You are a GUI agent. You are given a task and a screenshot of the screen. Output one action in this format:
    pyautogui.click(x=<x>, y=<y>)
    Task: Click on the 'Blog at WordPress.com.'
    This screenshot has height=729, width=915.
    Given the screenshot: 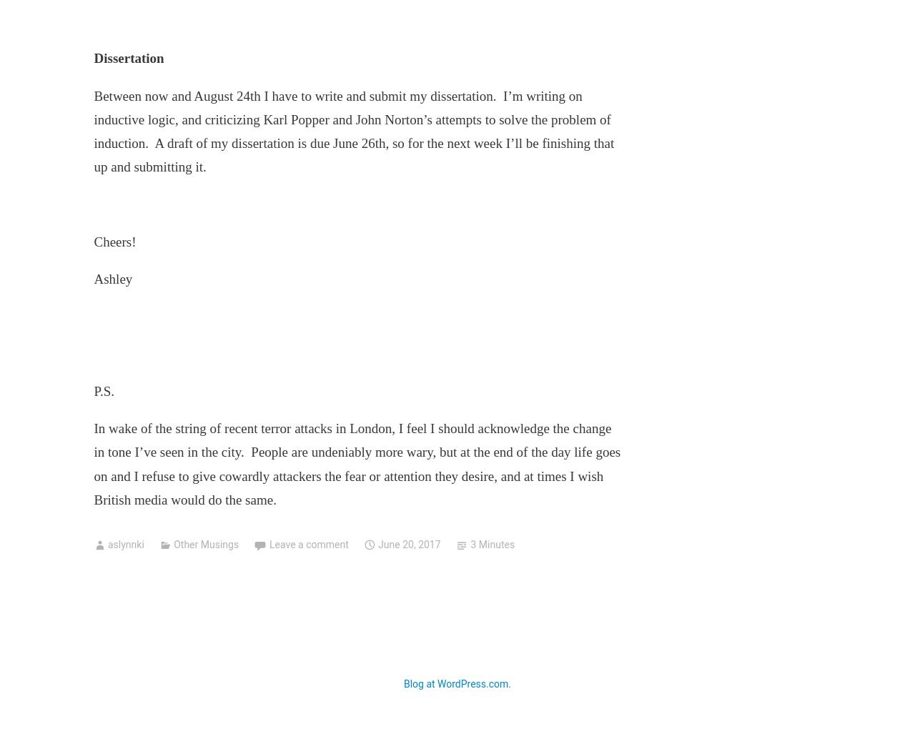 What is the action you would take?
    pyautogui.click(x=456, y=683)
    